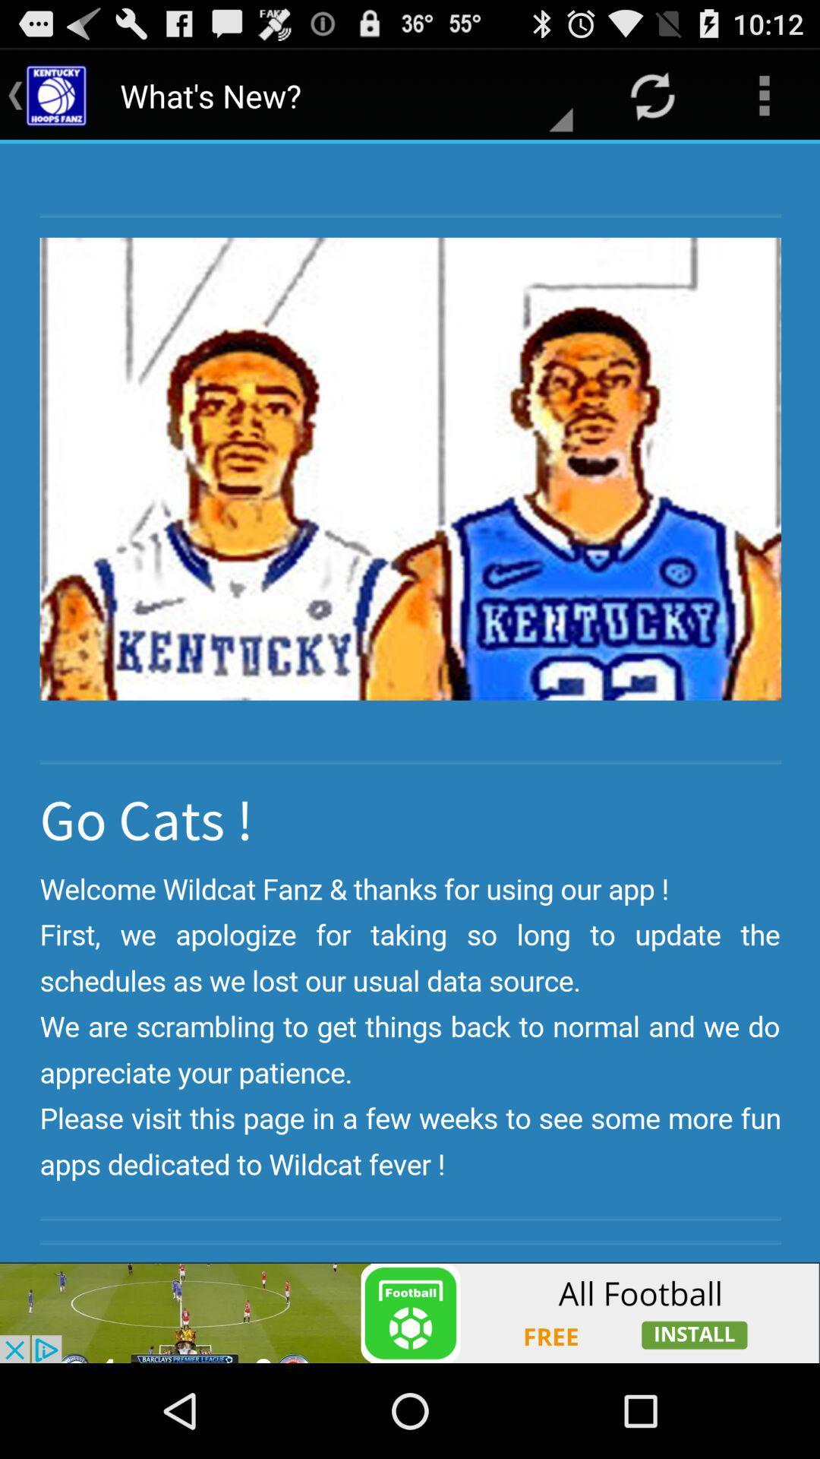  Describe the element at coordinates (410, 1312) in the screenshot. I see `advertisement about foodball` at that location.